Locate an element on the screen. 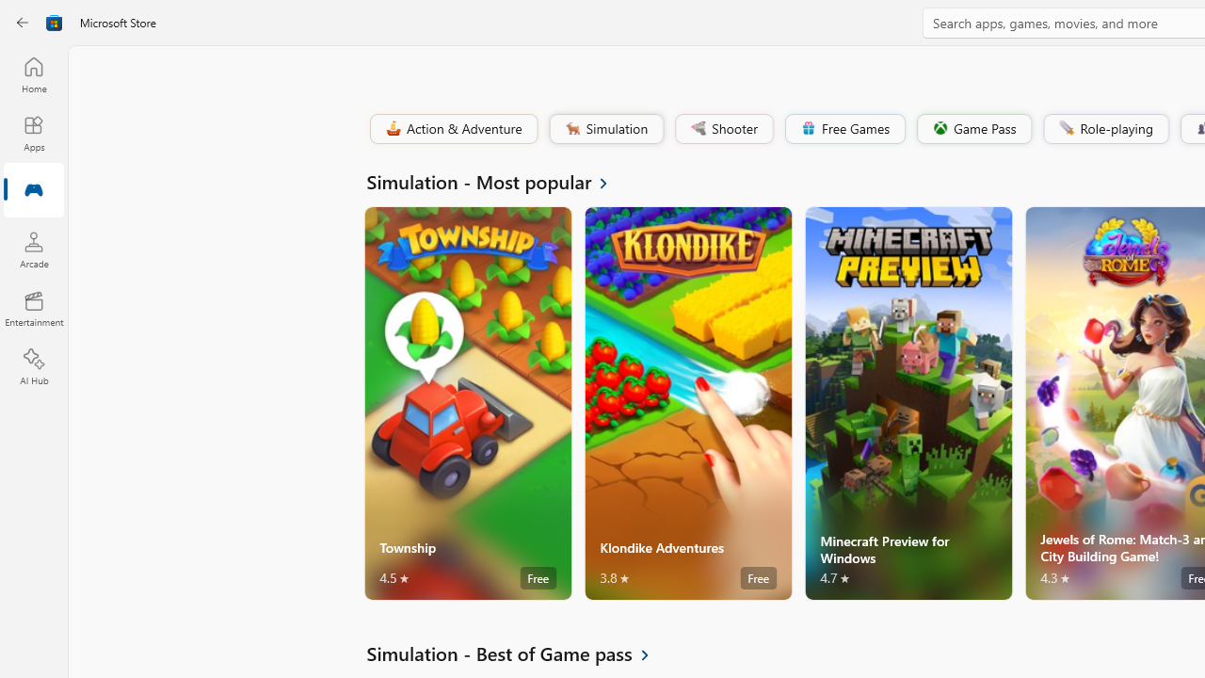 The width and height of the screenshot is (1205, 678). 'Free Games' is located at coordinates (843, 127).